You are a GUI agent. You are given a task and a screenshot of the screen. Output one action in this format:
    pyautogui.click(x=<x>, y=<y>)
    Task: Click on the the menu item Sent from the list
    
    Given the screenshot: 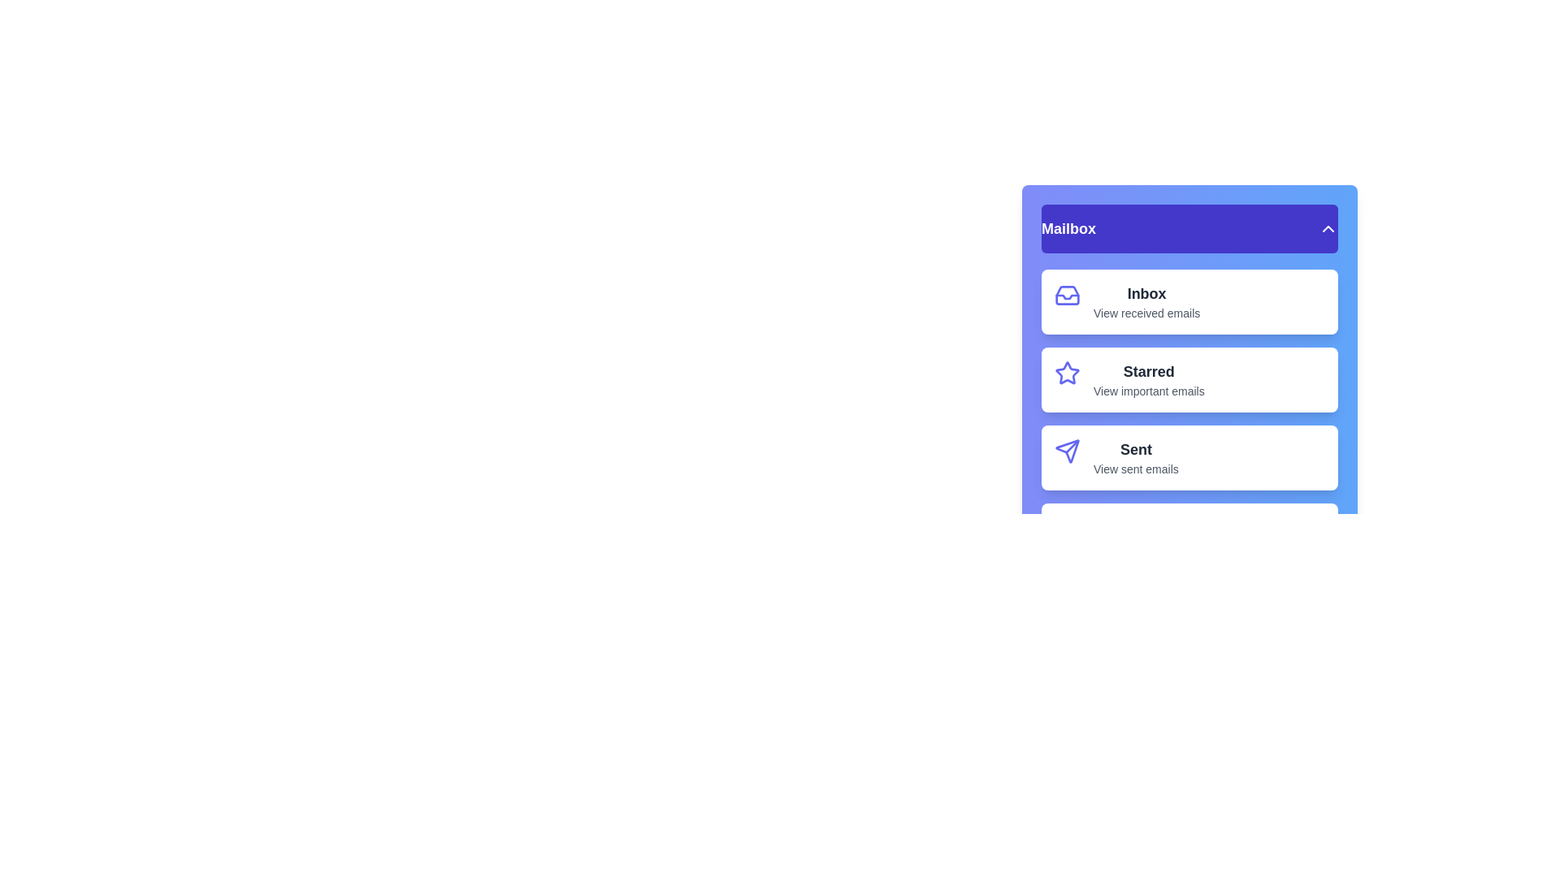 What is the action you would take?
    pyautogui.click(x=1189, y=457)
    